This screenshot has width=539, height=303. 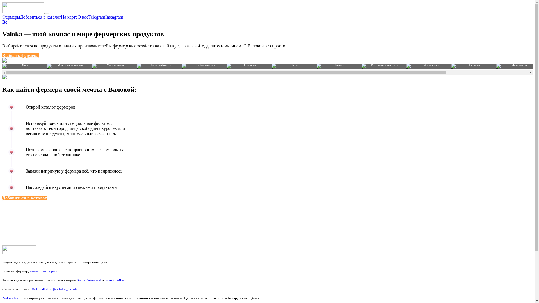 I want to click on 'Instagram', so click(x=114, y=17).